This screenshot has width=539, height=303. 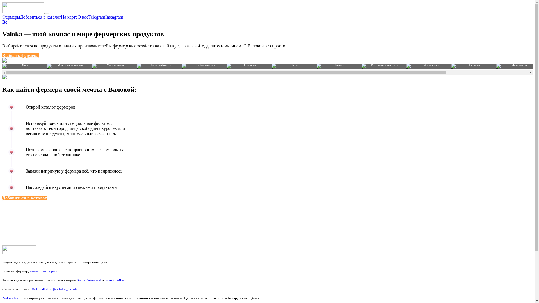 I want to click on 'Instagram', so click(x=114, y=17).